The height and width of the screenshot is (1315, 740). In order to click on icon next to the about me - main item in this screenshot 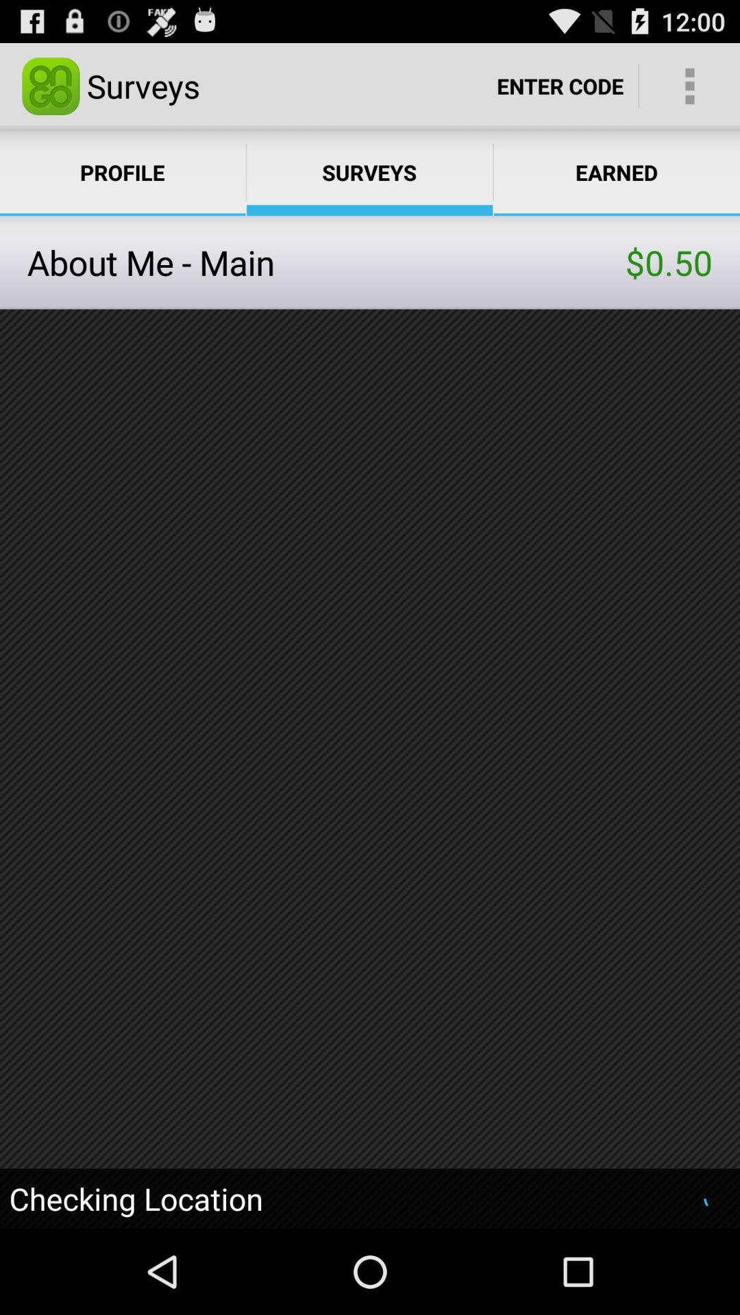, I will do `click(668, 262)`.